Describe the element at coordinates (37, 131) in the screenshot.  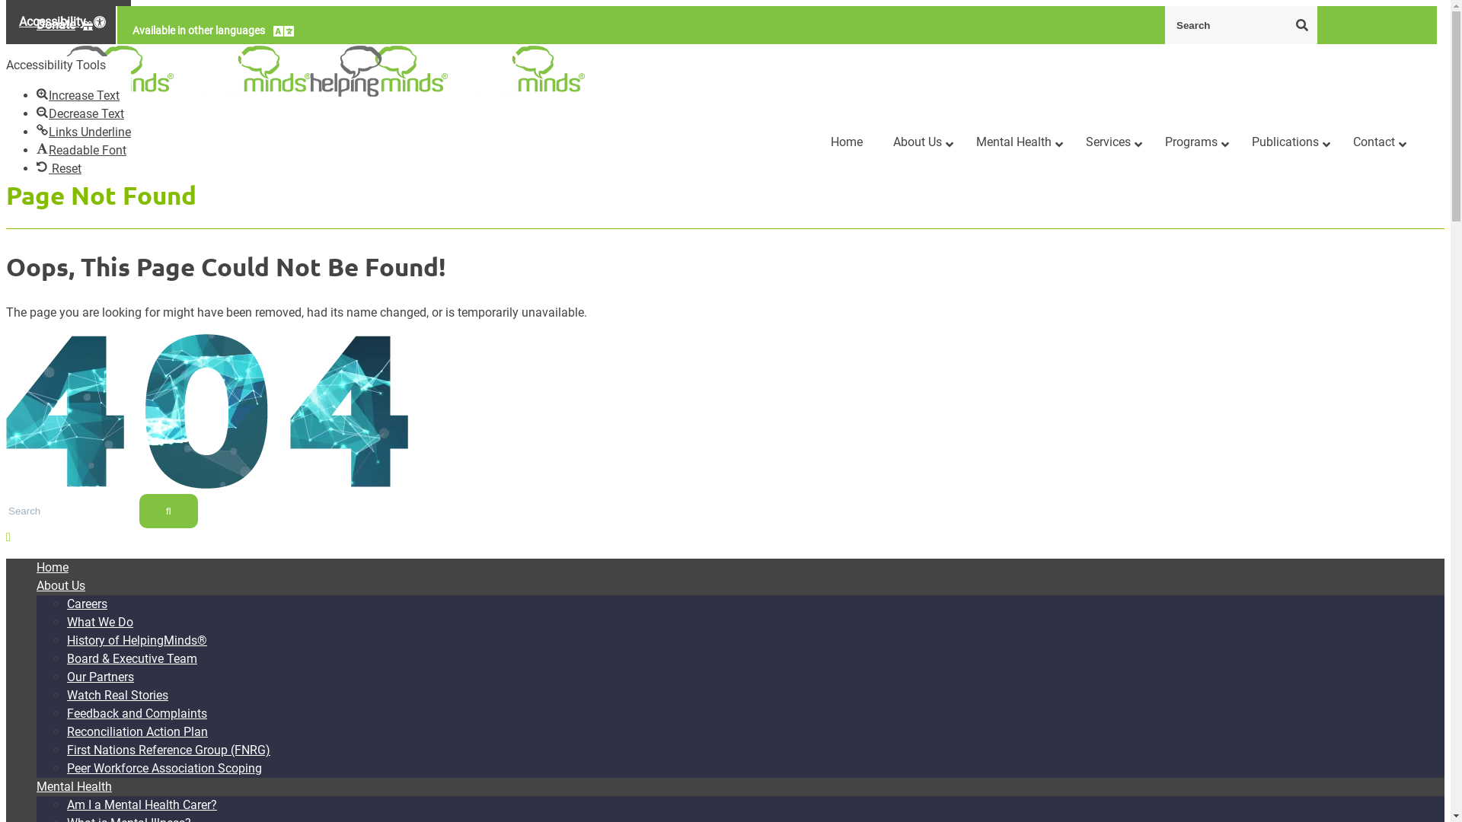
I see `'Links UnderlineLinks Underline'` at that location.